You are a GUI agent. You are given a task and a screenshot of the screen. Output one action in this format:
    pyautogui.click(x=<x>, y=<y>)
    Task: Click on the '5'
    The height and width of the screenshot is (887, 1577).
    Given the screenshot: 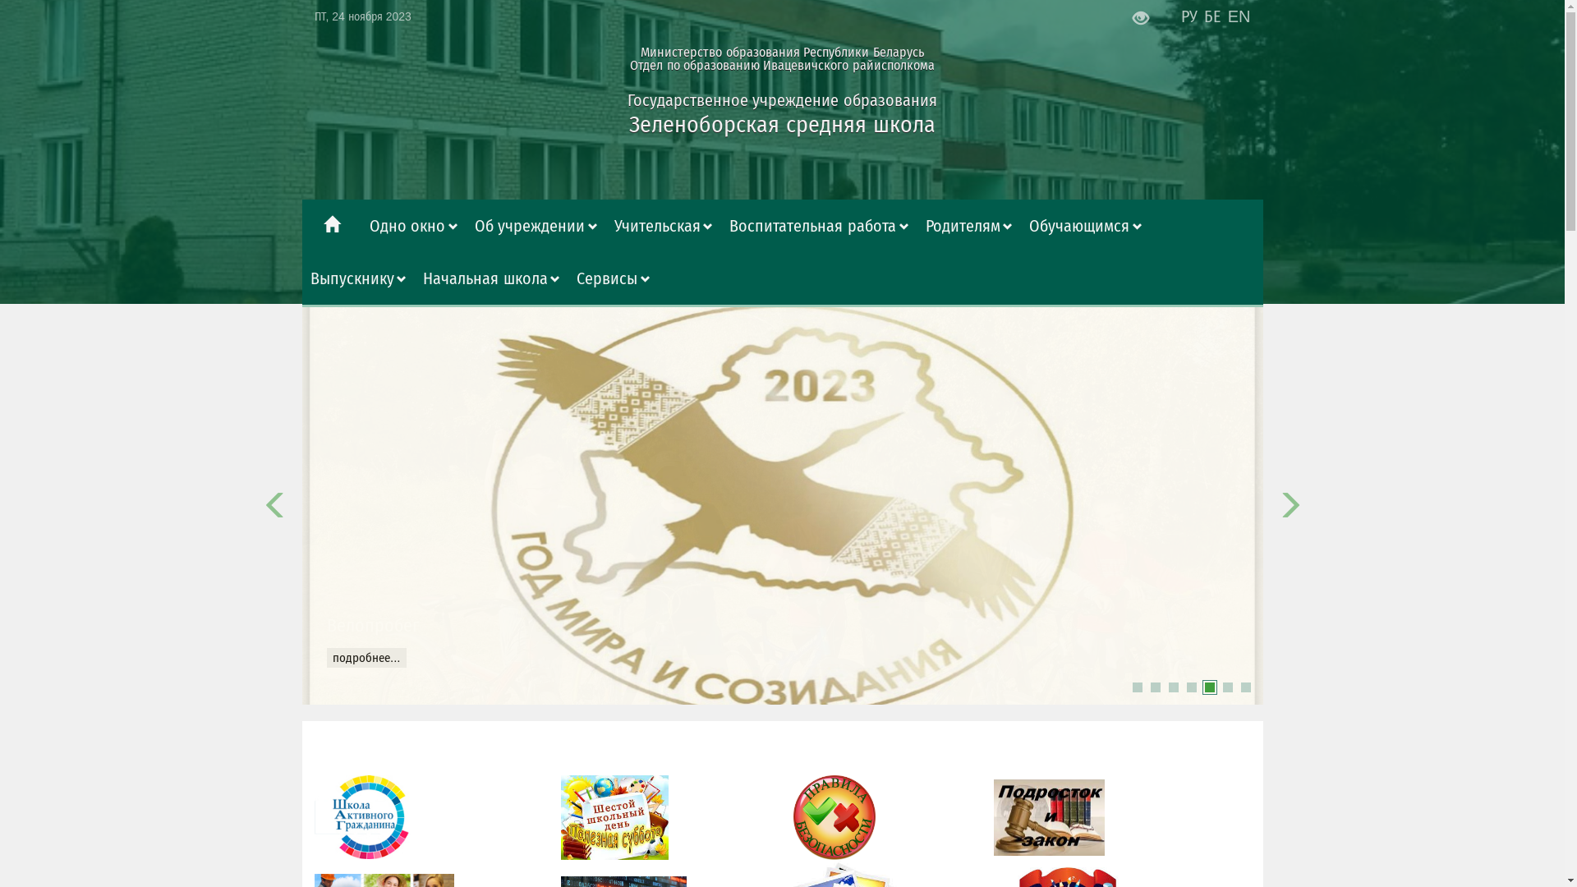 What is the action you would take?
    pyautogui.click(x=1209, y=687)
    